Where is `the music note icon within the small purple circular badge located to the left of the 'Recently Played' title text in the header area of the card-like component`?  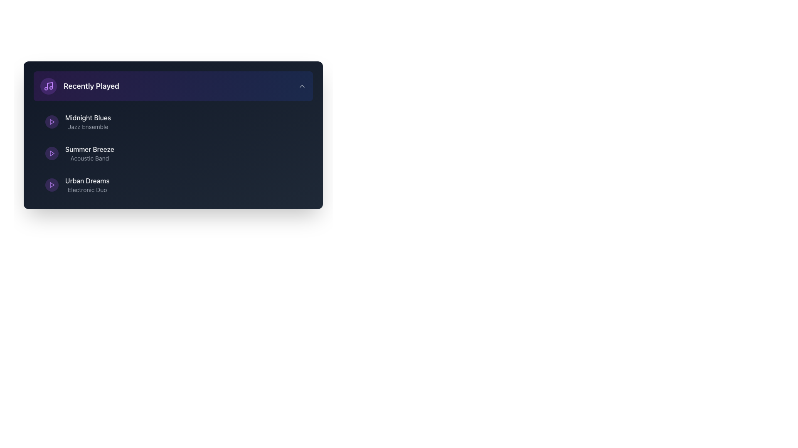 the music note icon within the small purple circular badge located to the left of the 'Recently Played' title text in the header area of the card-like component is located at coordinates (48, 86).